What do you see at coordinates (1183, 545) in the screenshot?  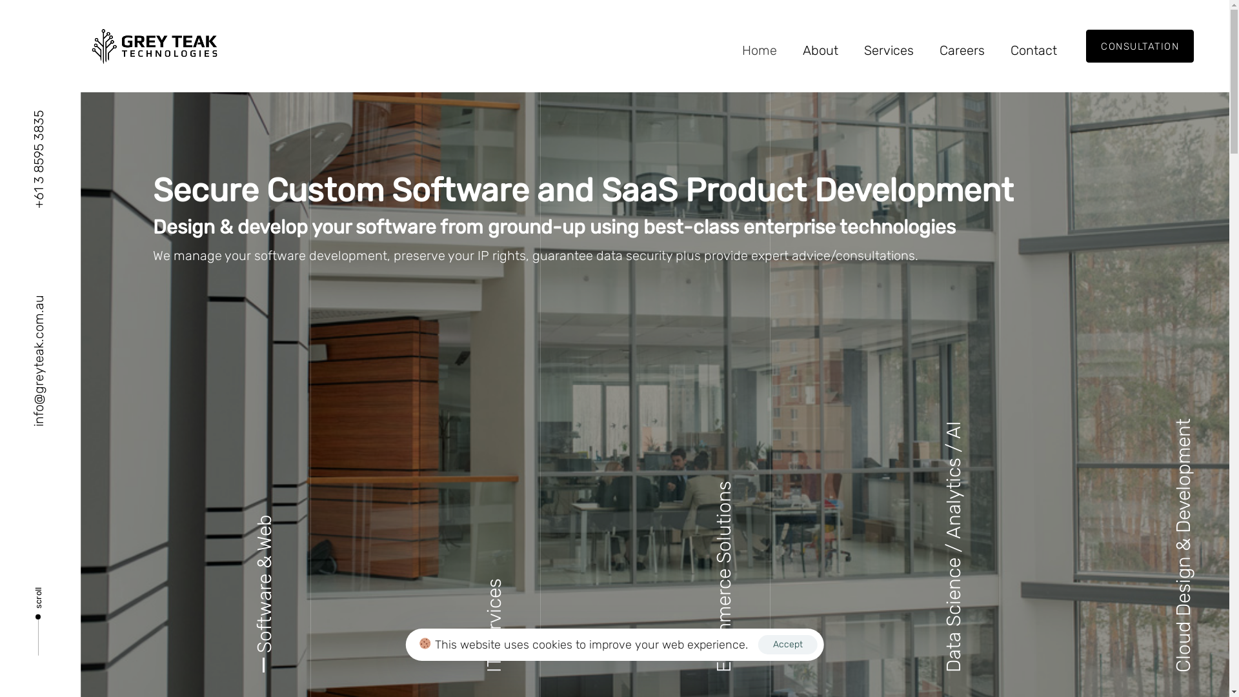 I see `'Cloud Design & Development'` at bounding box center [1183, 545].